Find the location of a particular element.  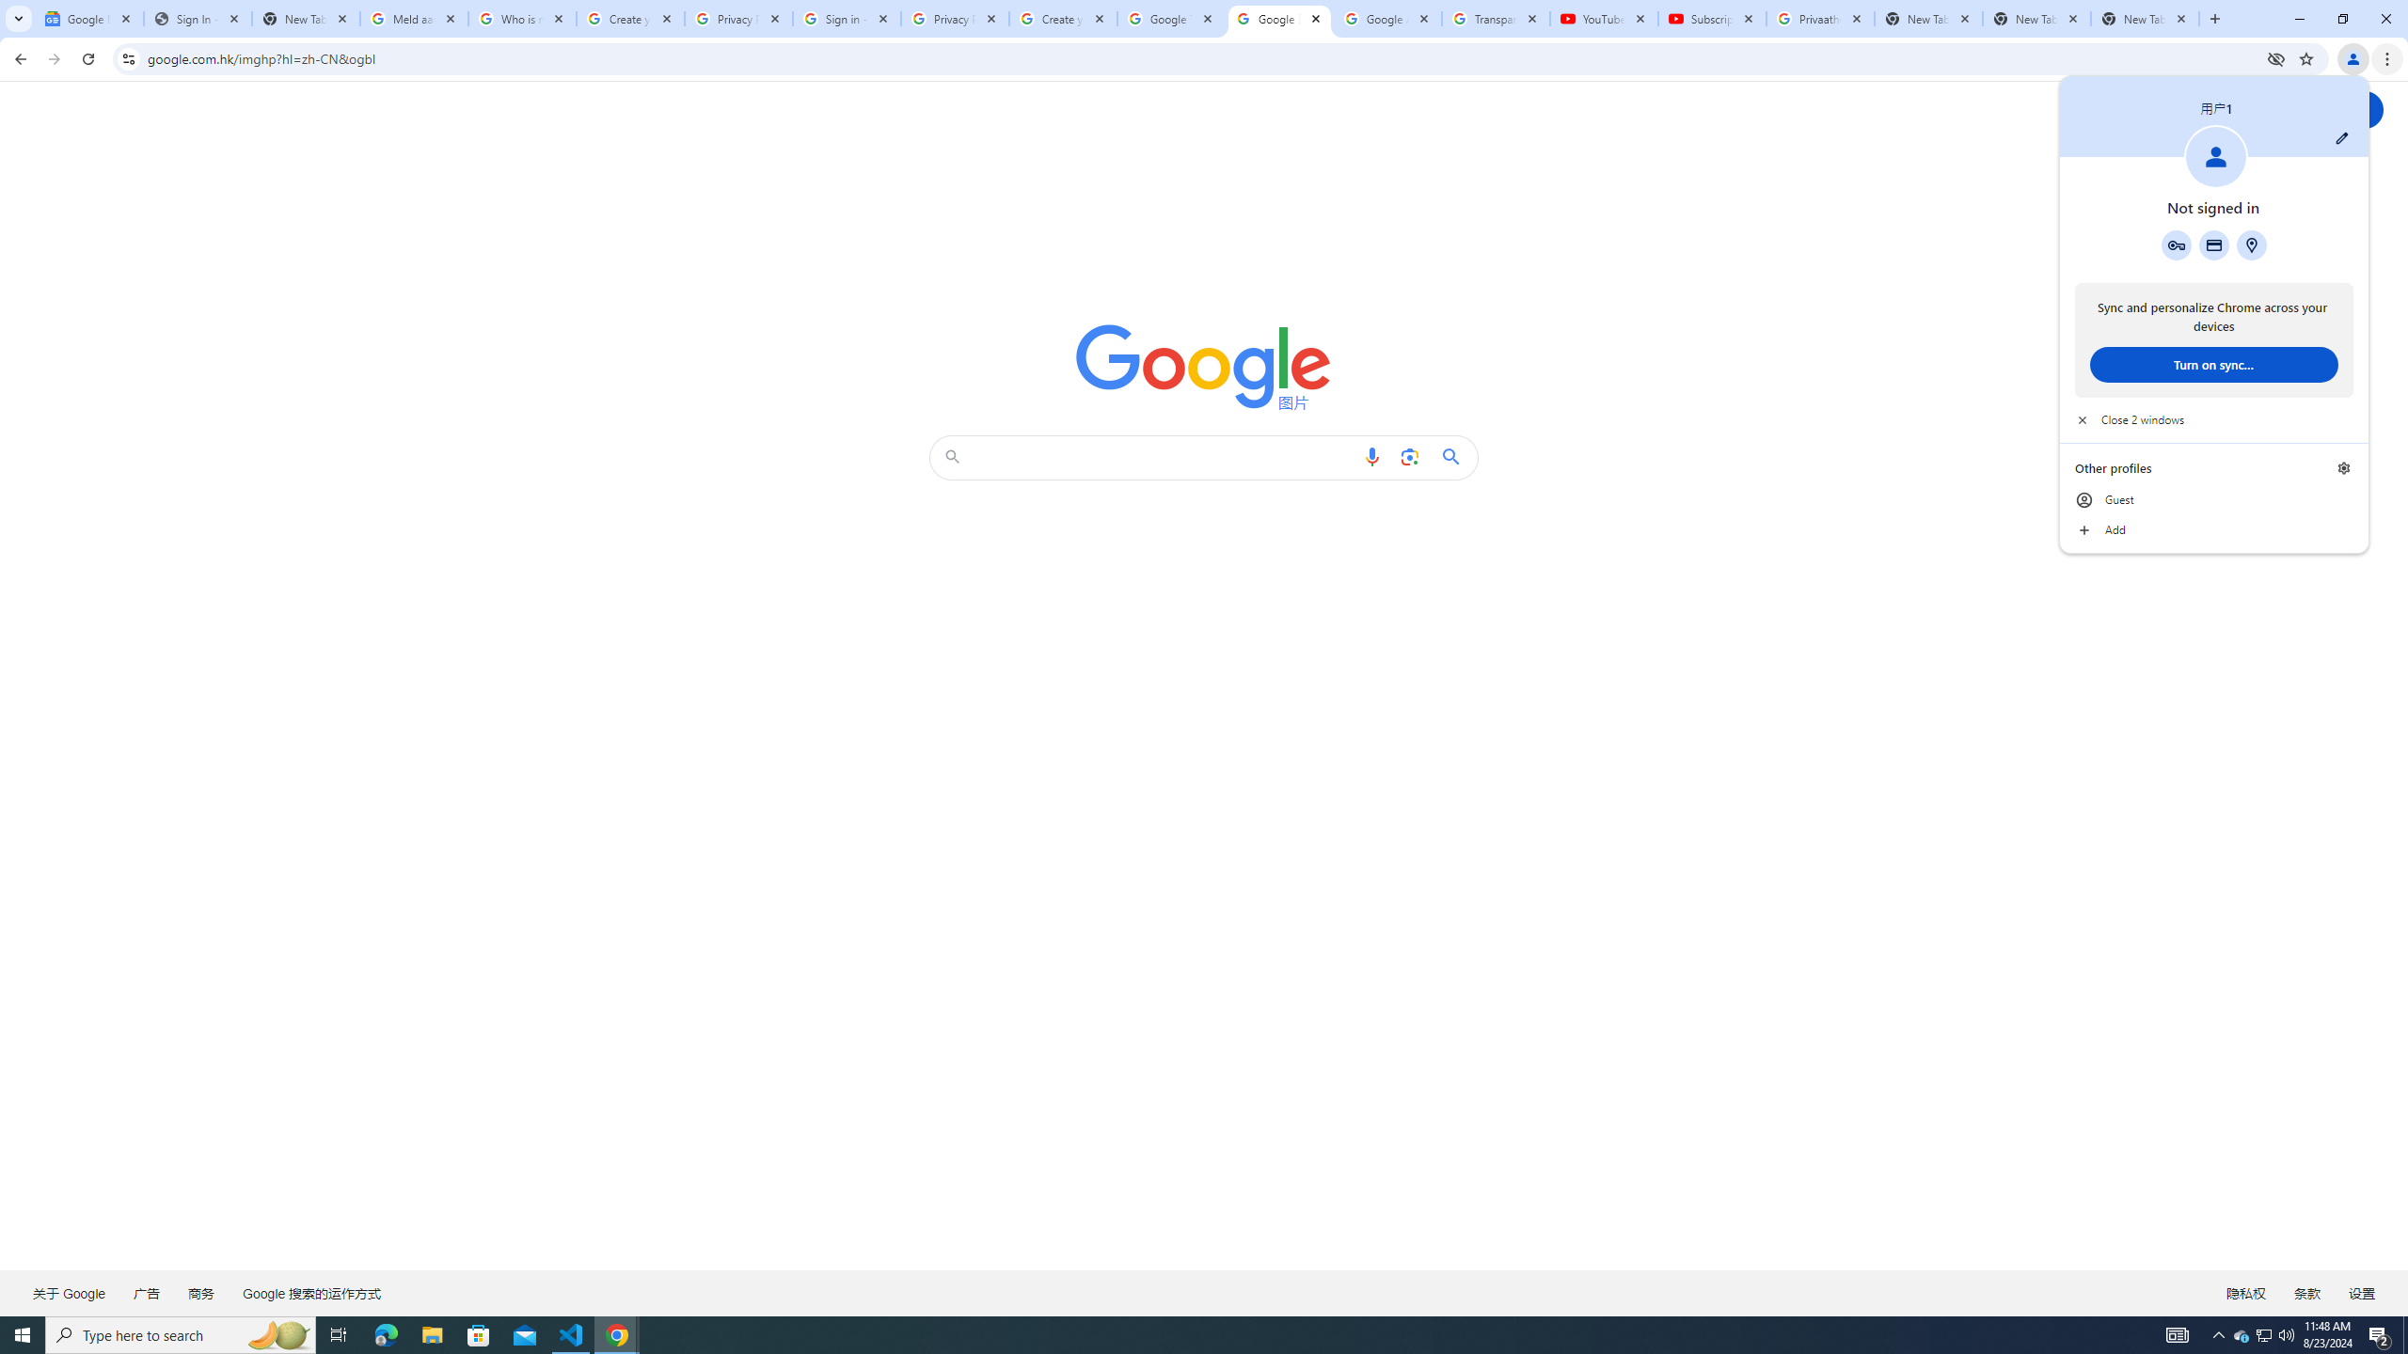

'Show desktop' is located at coordinates (2404, 1333).